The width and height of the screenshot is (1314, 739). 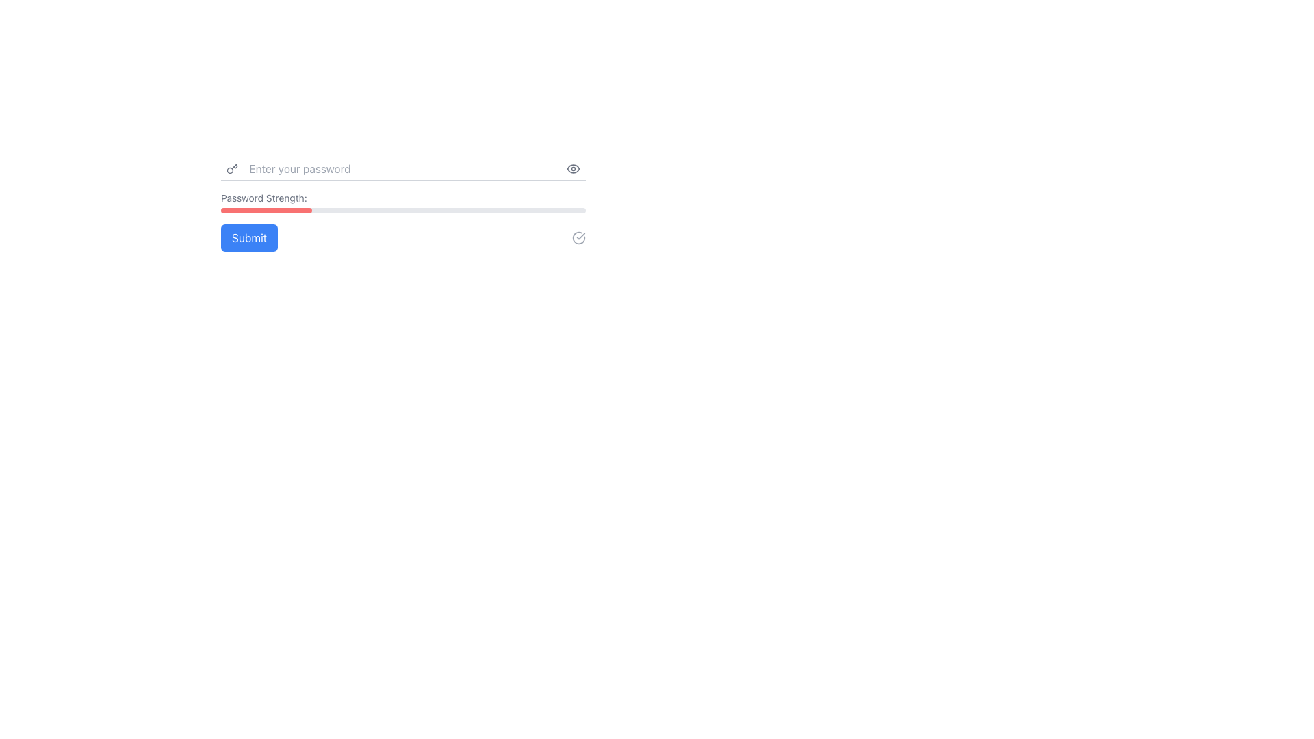 I want to click on the circular icon with a checkmark inside it, located to the right of the 'Submit' button, styled as an outlined gray graphic, so click(x=578, y=237).